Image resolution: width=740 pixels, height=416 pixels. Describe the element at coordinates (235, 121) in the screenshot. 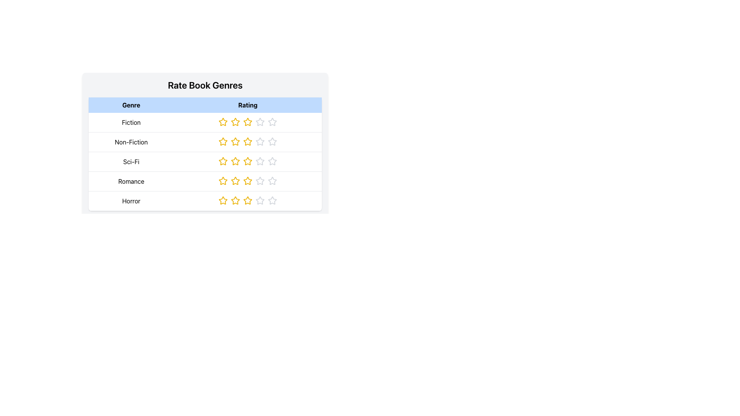

I see `the second star icon` at that location.